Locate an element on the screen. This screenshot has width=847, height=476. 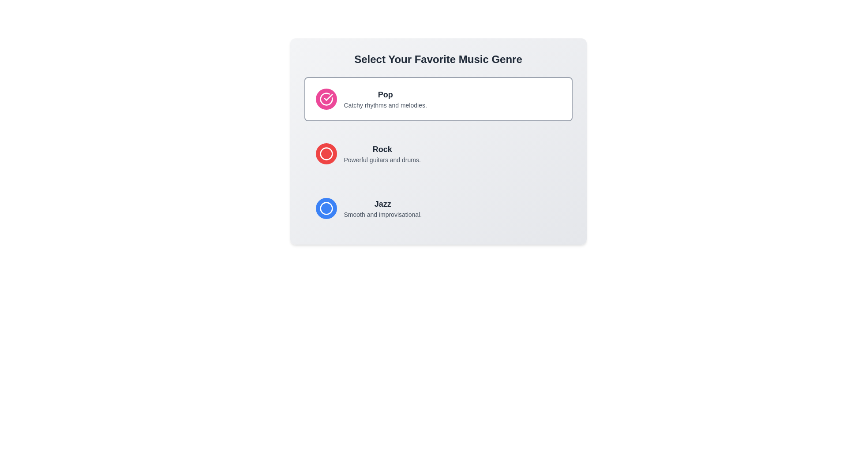
the radio button indicator for the Jazz genre of music, located in the bottom-left portion of the interface is located at coordinates (326, 208).